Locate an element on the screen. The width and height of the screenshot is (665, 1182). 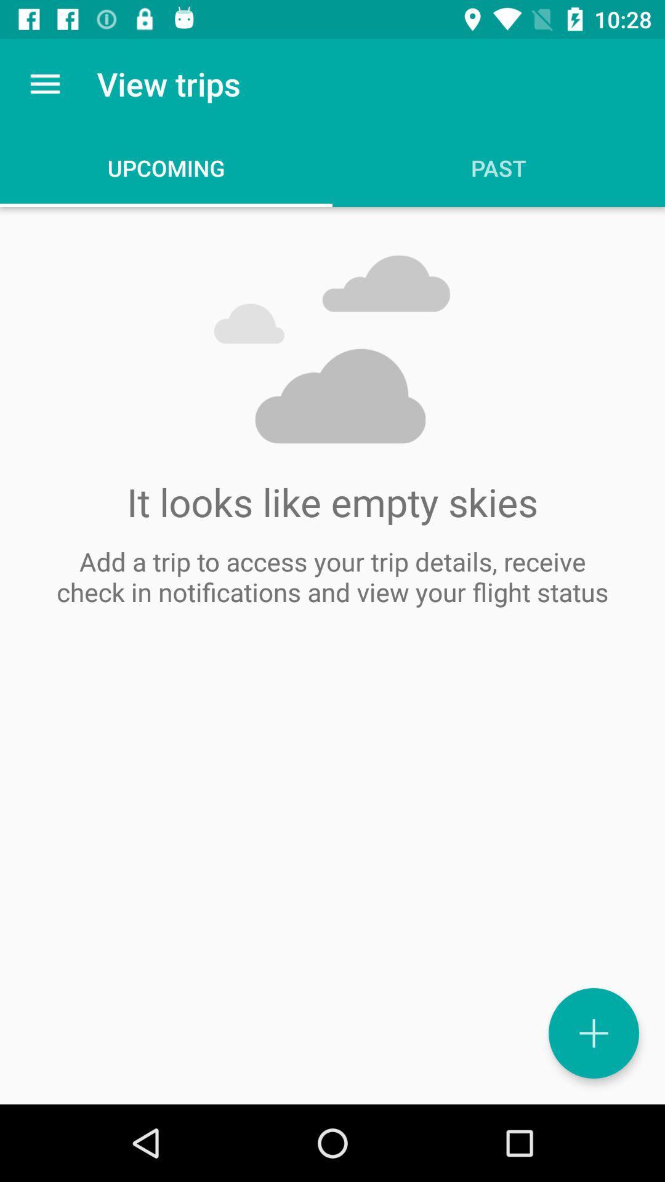
the icon below the add a trip is located at coordinates (593, 1033).